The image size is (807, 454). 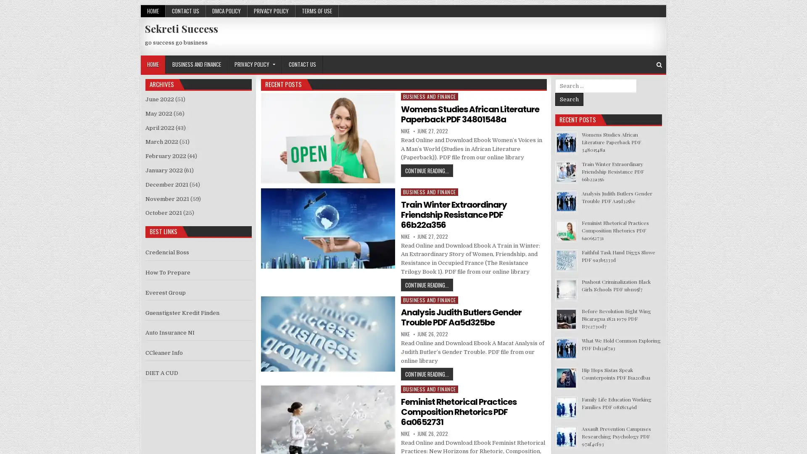 I want to click on Search, so click(x=569, y=99).